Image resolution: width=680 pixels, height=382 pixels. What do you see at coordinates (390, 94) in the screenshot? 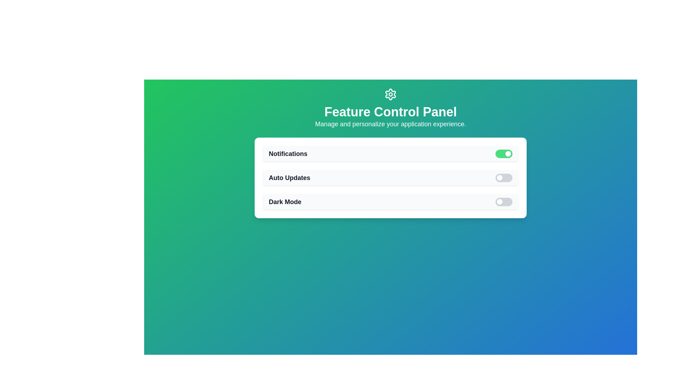
I see `the central circular part of the gear icon, which is a decorative element enhancing the visual appeal of the interface, located at the top center just above the 'Feature Control Panel'` at bounding box center [390, 94].